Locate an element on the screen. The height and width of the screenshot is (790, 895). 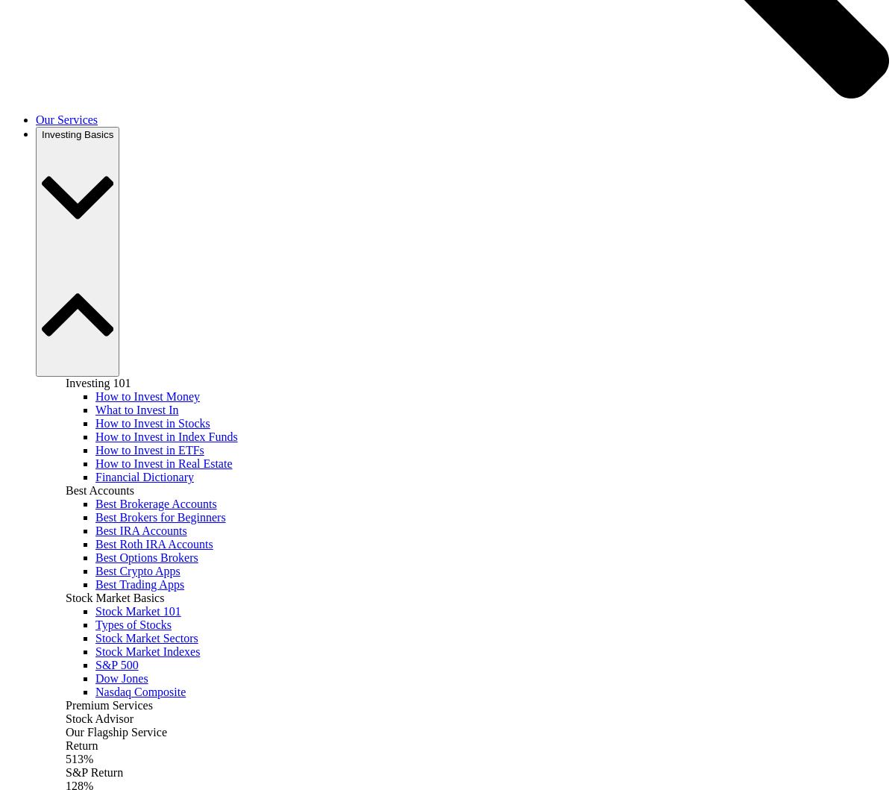
'Our Flagship Service' is located at coordinates (115, 731).